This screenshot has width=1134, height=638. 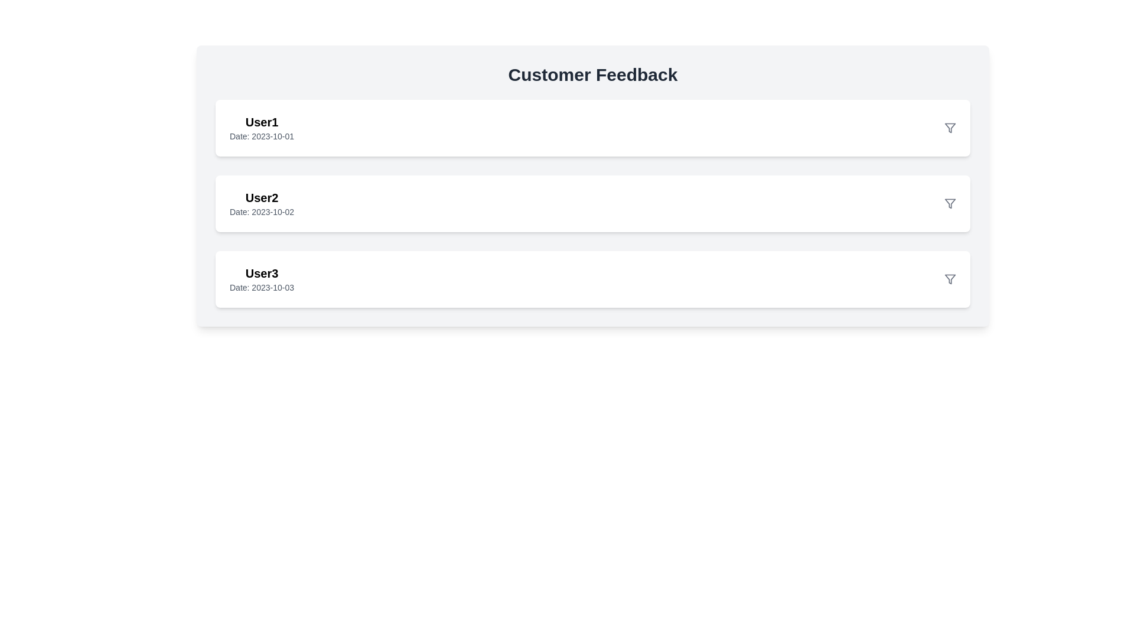 What do you see at coordinates (950, 279) in the screenshot?
I see `the filtering button located in the top-right corner of the user 'User3' details section, positioned to the right of 'Date: 2023-10-03', to initiate filtering` at bounding box center [950, 279].